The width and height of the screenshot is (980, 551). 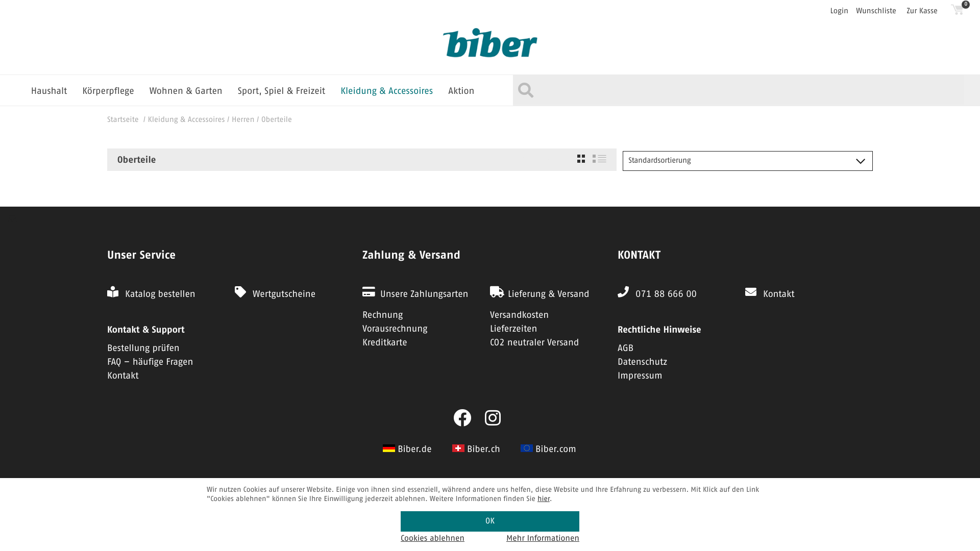 What do you see at coordinates (490, 43) in the screenshot?
I see `'Biber Umweltprodukte Versand'` at bounding box center [490, 43].